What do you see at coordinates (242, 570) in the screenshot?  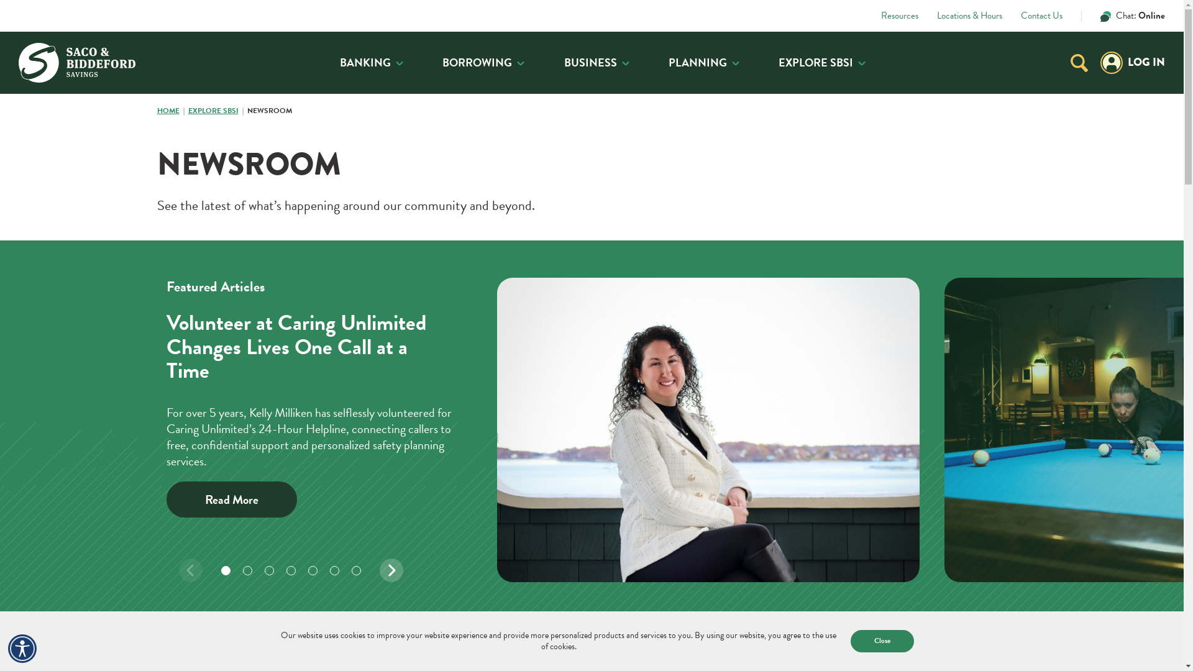 I see `'Carousel Dot'` at bounding box center [242, 570].